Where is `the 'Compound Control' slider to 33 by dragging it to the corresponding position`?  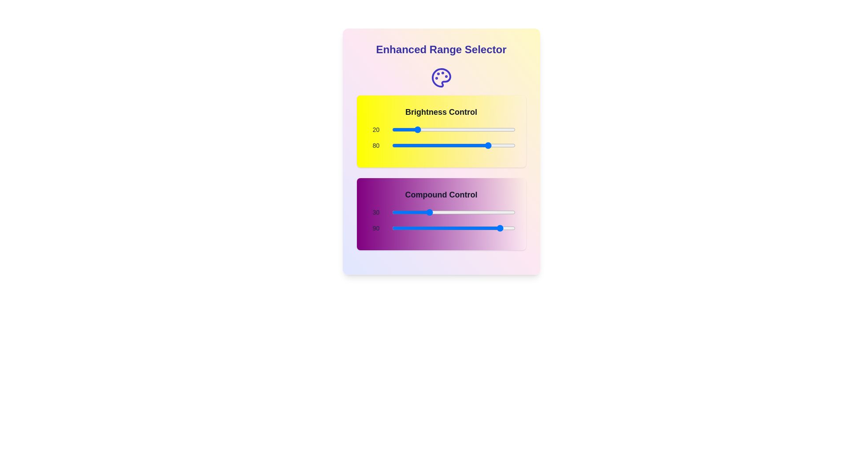 the 'Compound Control' slider to 33 by dragging it to the corresponding position is located at coordinates (431, 212).